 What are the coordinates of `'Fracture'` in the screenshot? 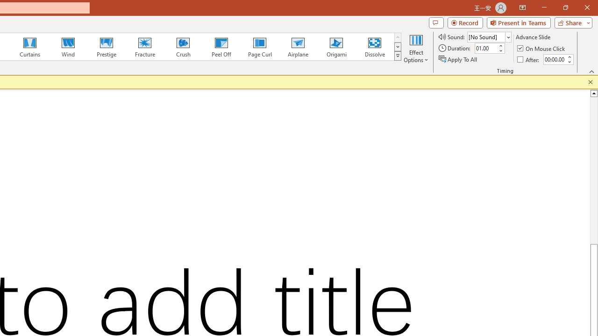 It's located at (144, 47).